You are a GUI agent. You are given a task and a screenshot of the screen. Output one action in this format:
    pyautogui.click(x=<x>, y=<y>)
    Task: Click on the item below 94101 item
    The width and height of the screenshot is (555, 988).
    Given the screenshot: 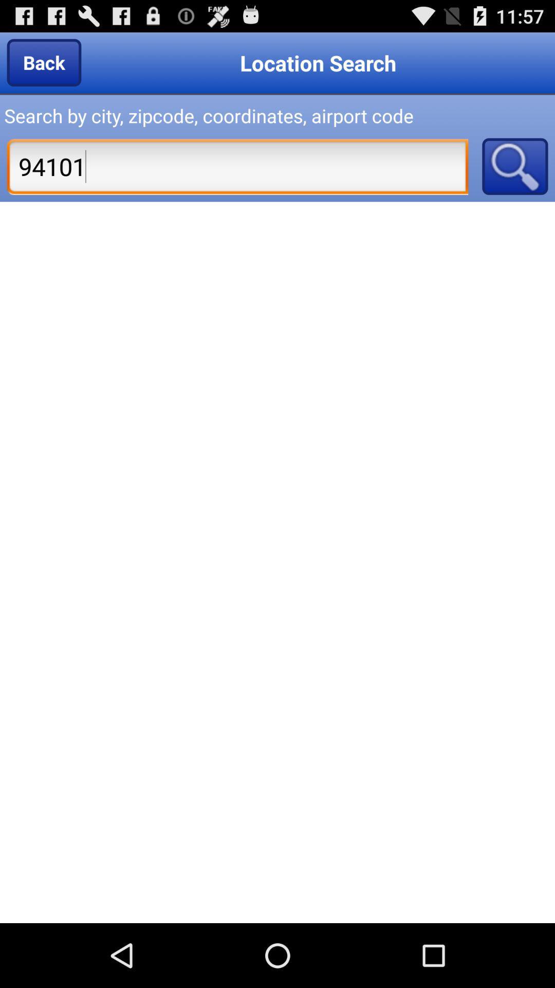 What is the action you would take?
    pyautogui.click(x=277, y=562)
    